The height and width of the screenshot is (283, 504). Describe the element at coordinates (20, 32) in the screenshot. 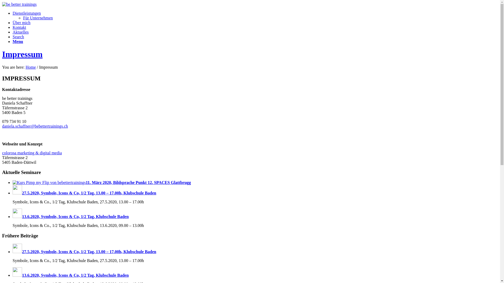

I see `'Aktuelles'` at that location.